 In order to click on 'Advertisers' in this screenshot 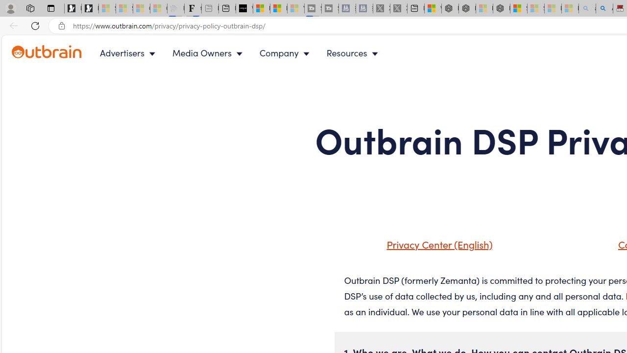, I will do `click(129, 53)`.